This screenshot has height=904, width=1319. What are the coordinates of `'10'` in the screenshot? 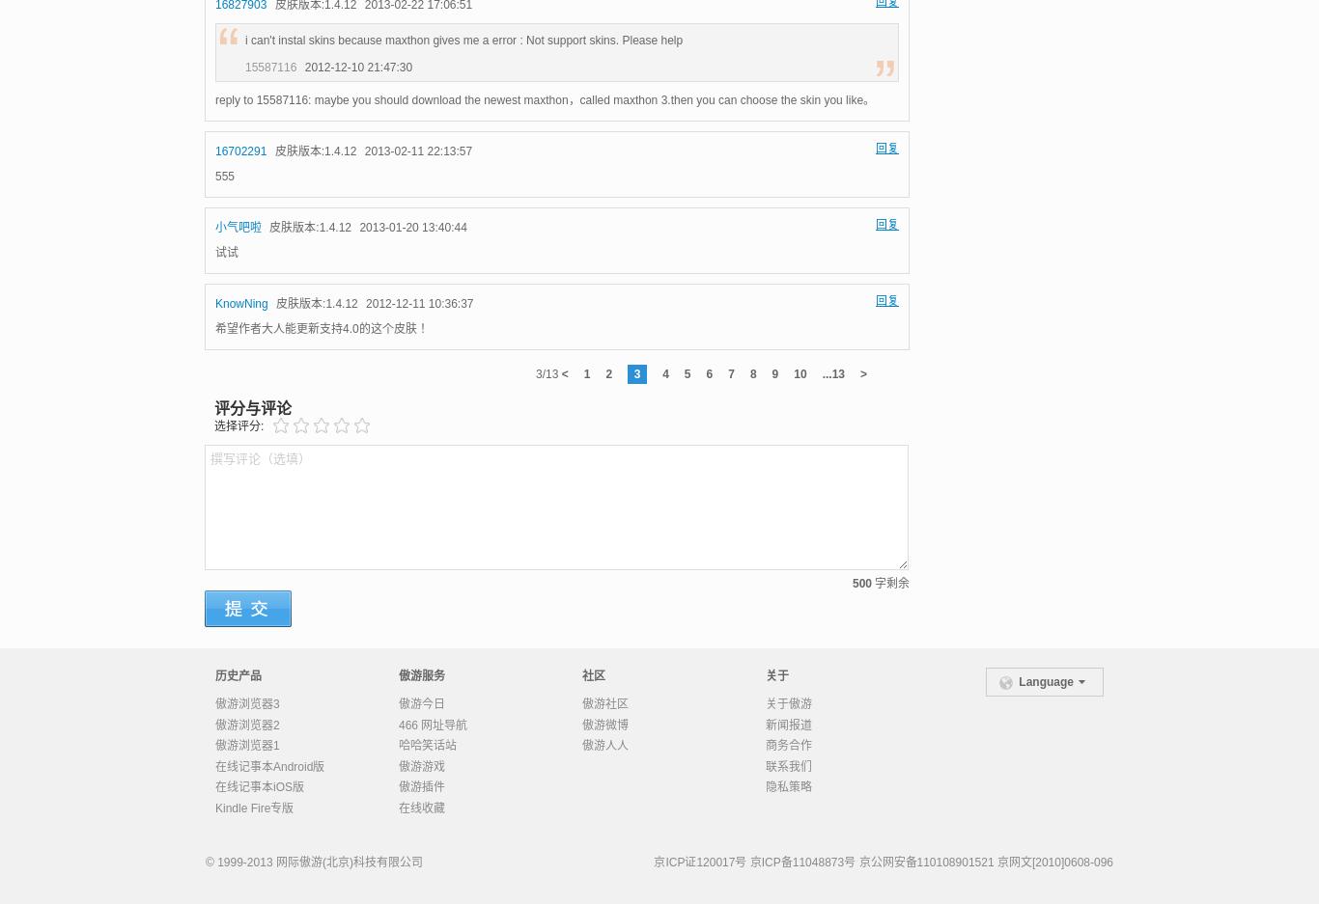 It's located at (799, 371).